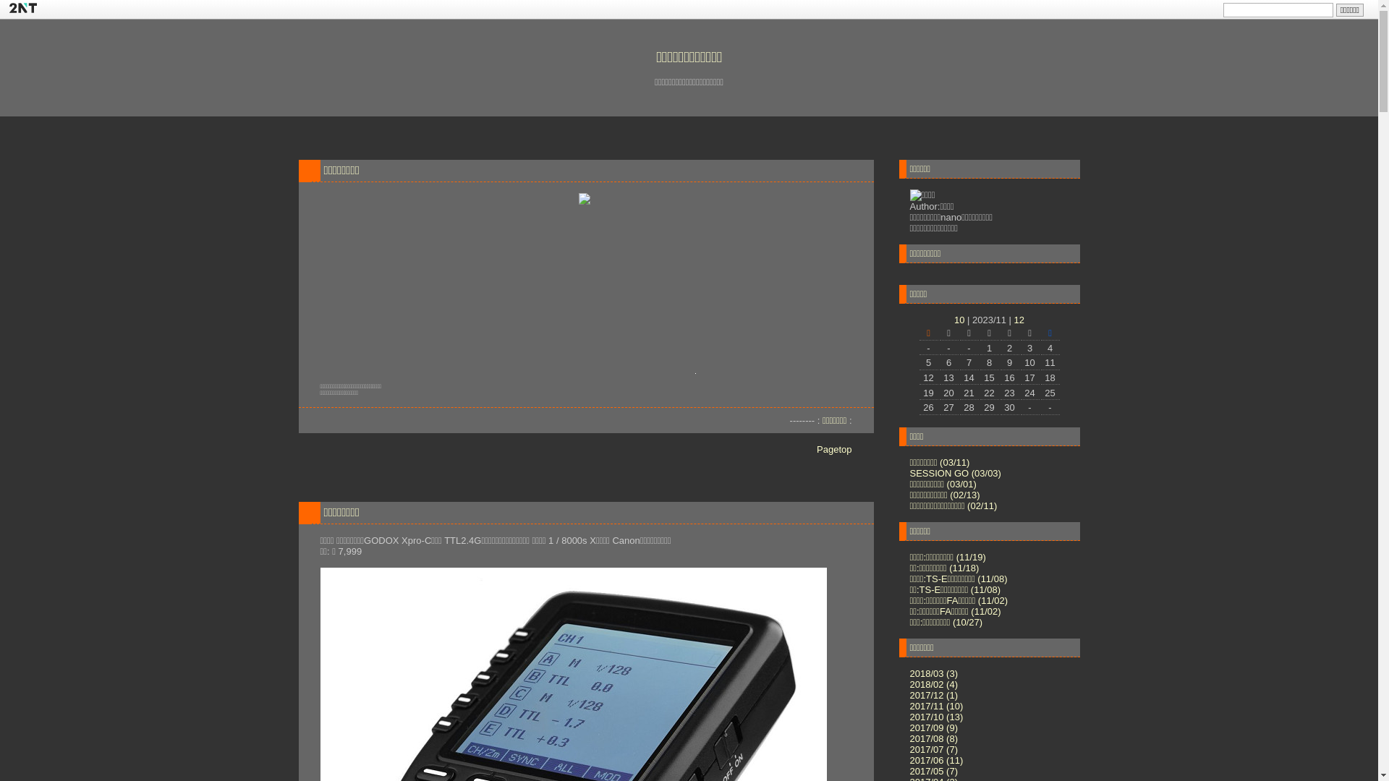  Describe the element at coordinates (959, 319) in the screenshot. I see `'10'` at that location.